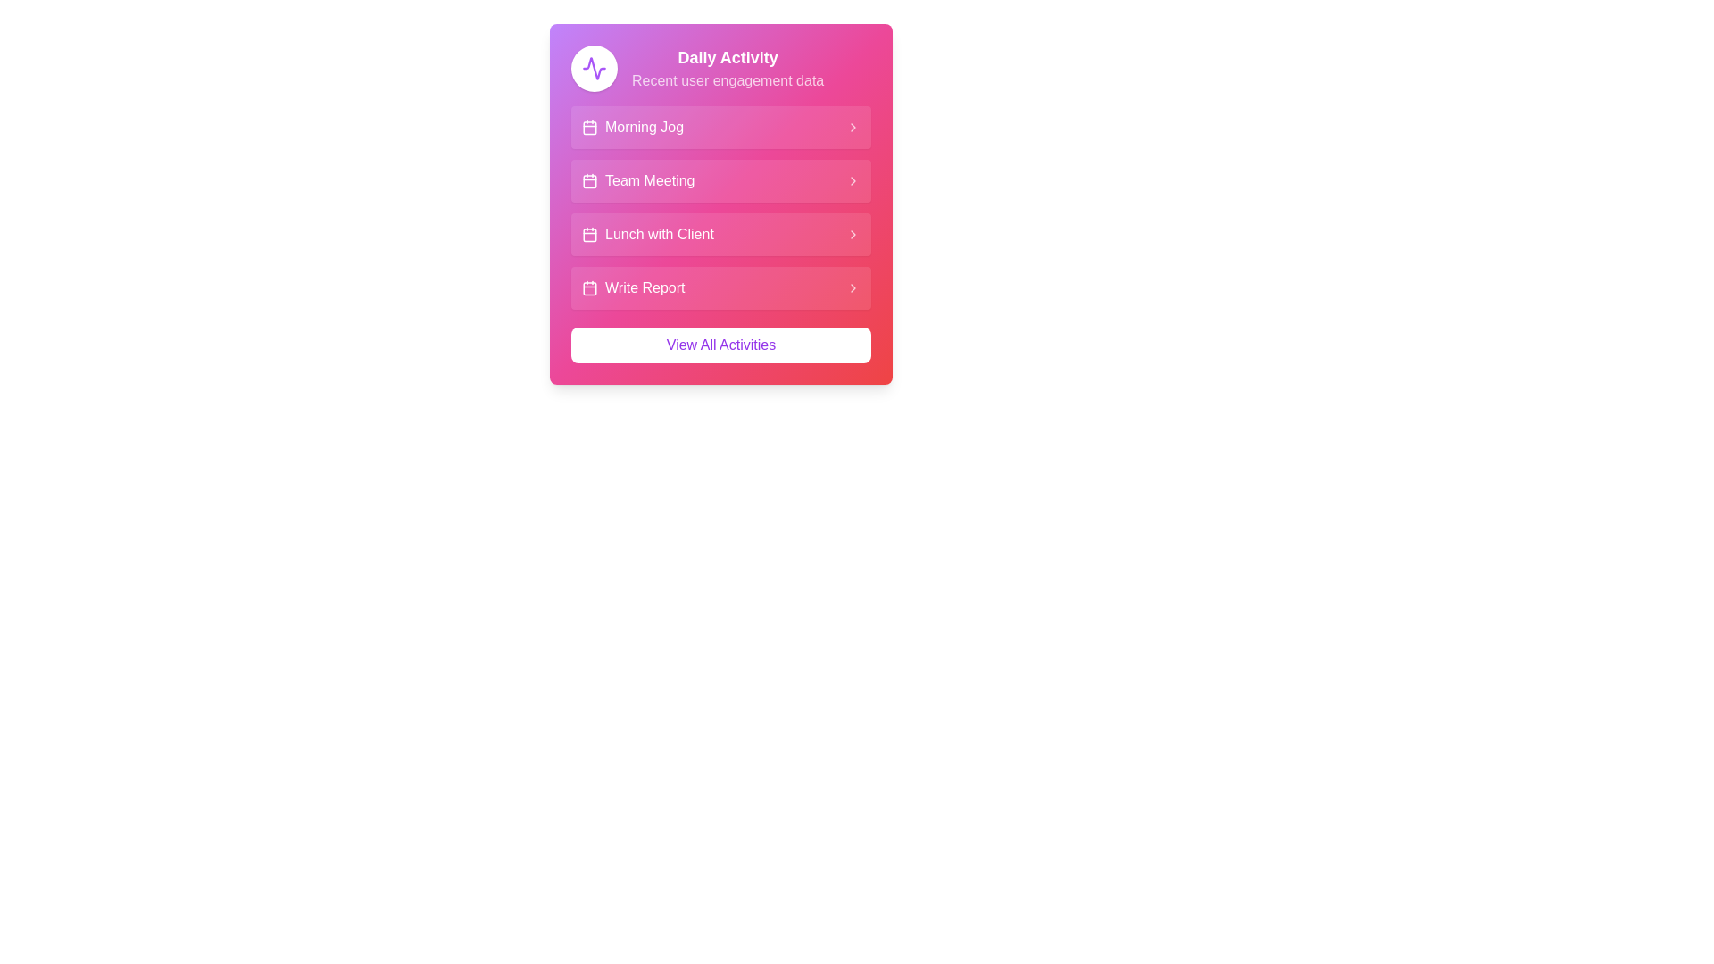 The image size is (1714, 964). I want to click on the 'Team Meeting' Interactive List Item, which is the second item in a vertical list, so click(720, 181).